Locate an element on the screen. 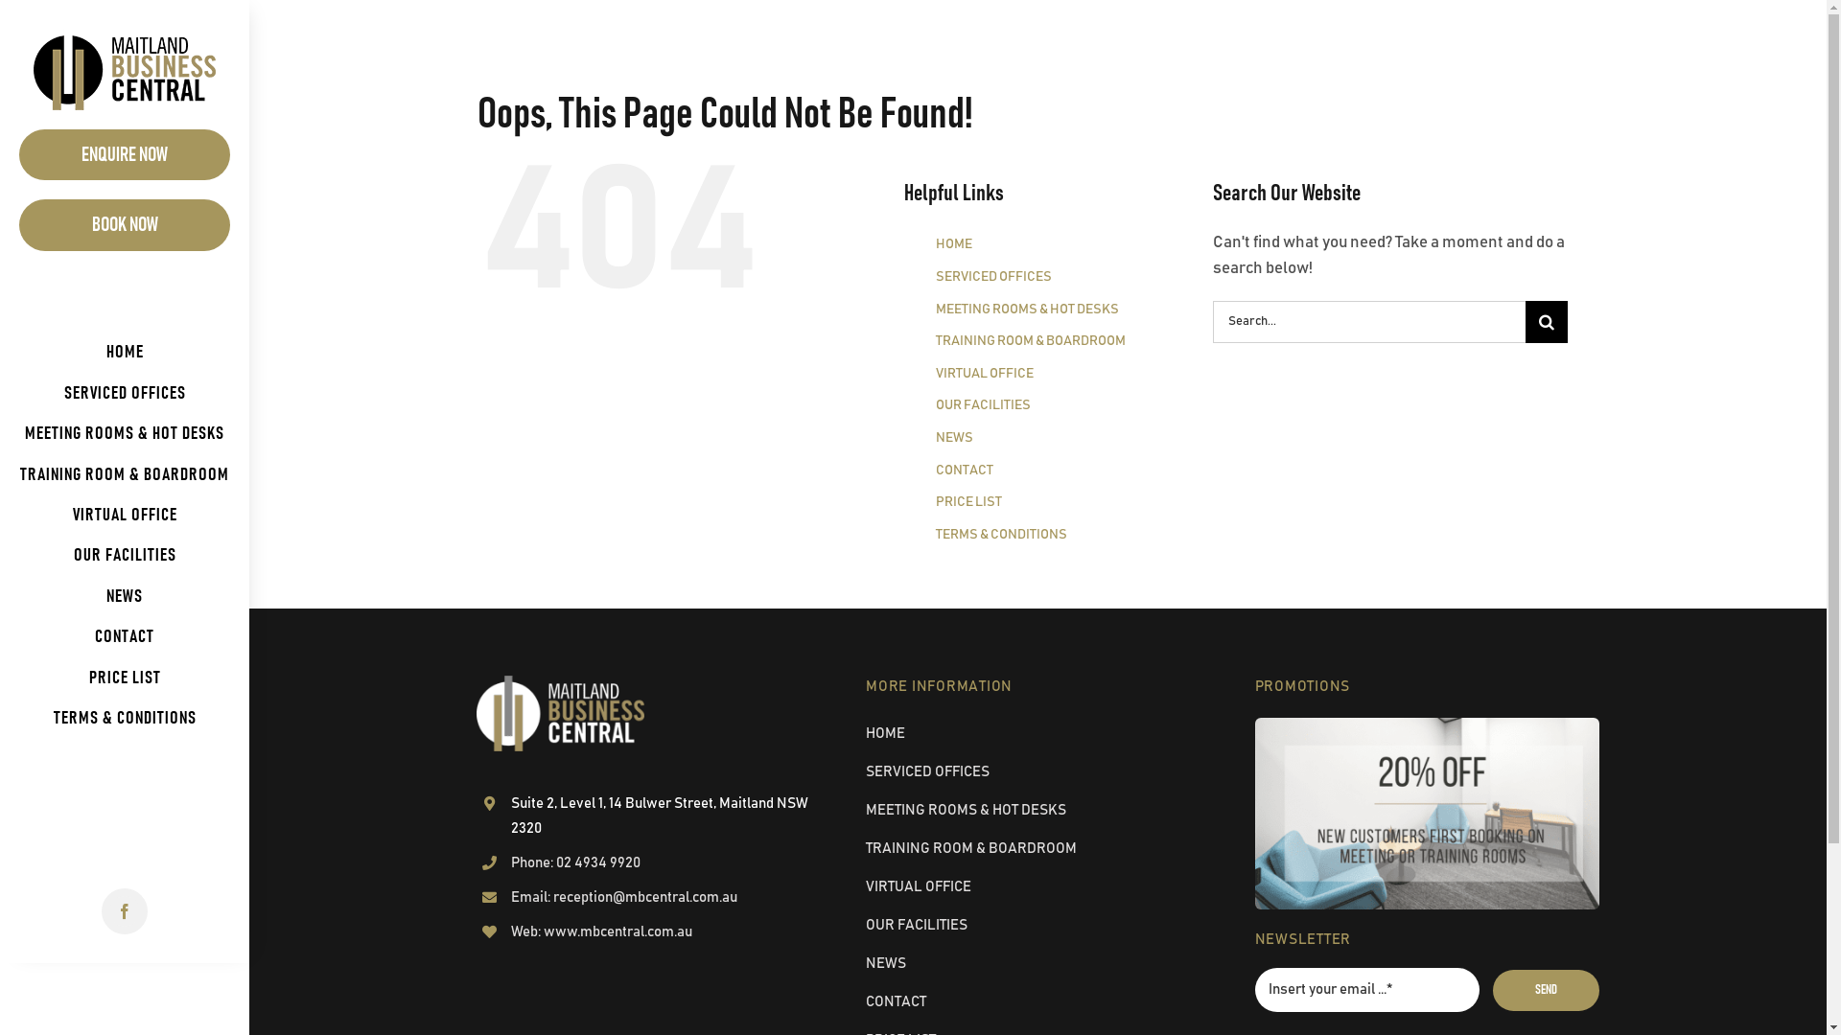 This screenshot has width=1841, height=1035. 'TRAINING ROOM & BOARDROOM' is located at coordinates (123, 474).